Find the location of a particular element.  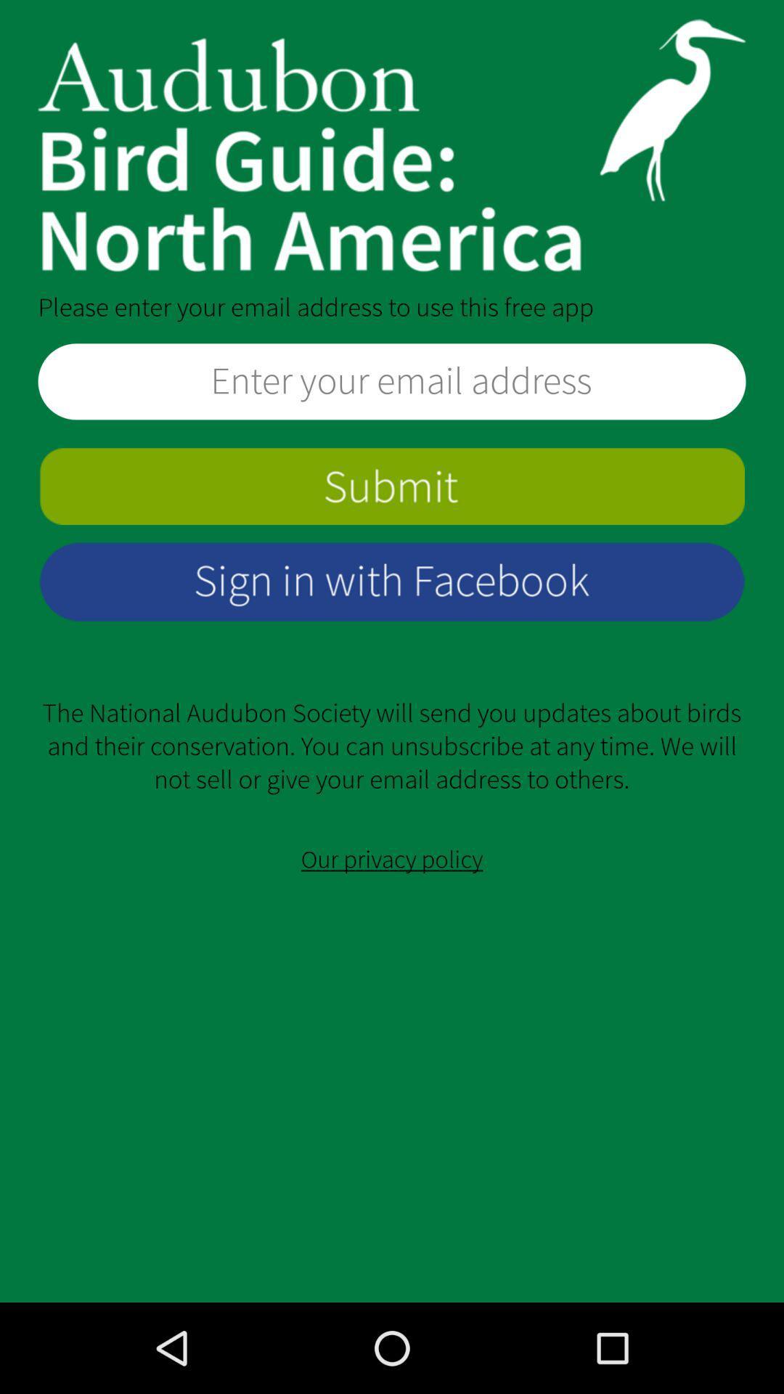

space for email entry is located at coordinates (392, 381).